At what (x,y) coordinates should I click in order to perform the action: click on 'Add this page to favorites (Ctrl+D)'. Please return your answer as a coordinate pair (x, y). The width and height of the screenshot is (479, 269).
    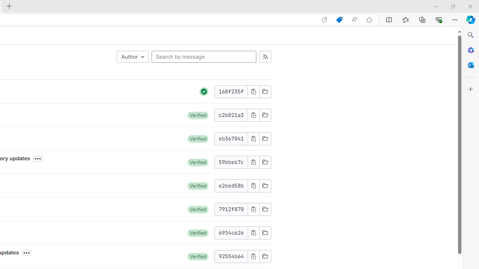
    Looking at the image, I should click on (369, 19).